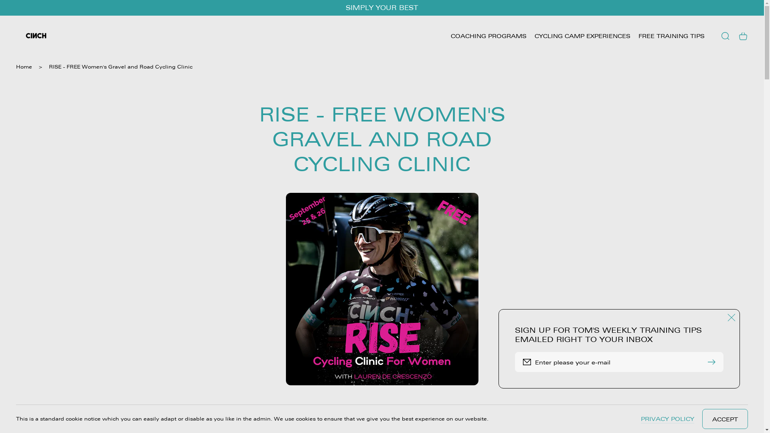 This screenshot has width=770, height=433. What do you see at coordinates (488, 35) in the screenshot?
I see `'COACHING PROGRAMS'` at bounding box center [488, 35].